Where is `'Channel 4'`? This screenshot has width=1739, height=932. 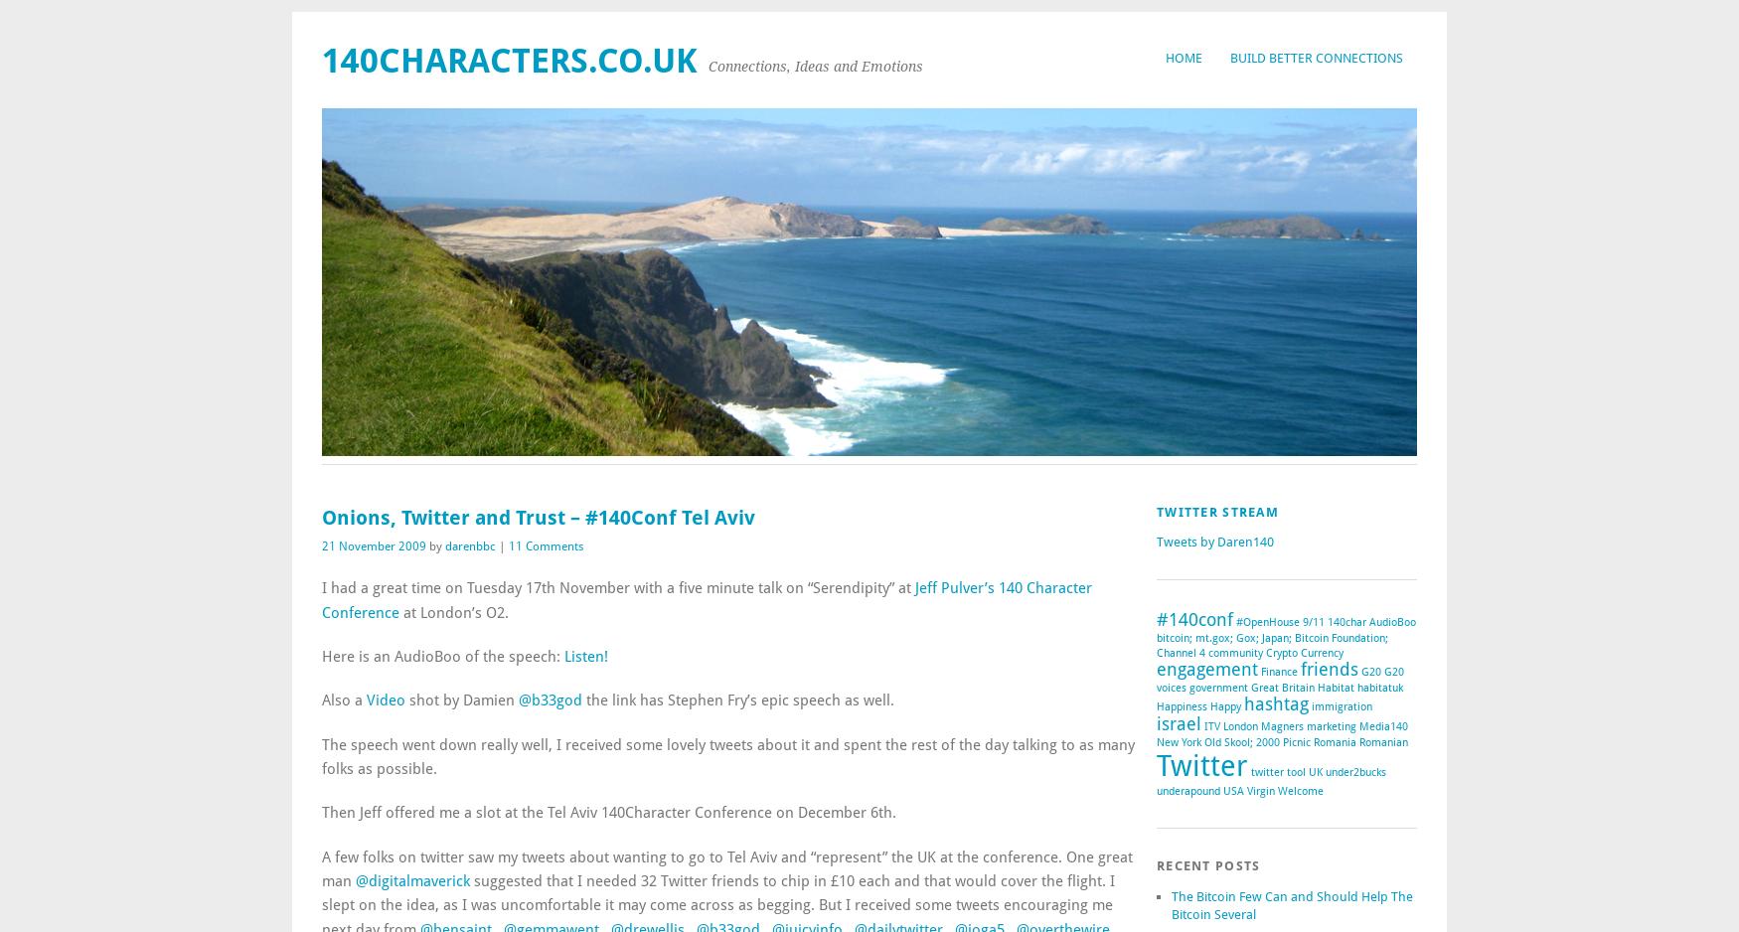
'Channel 4' is located at coordinates (1181, 652).